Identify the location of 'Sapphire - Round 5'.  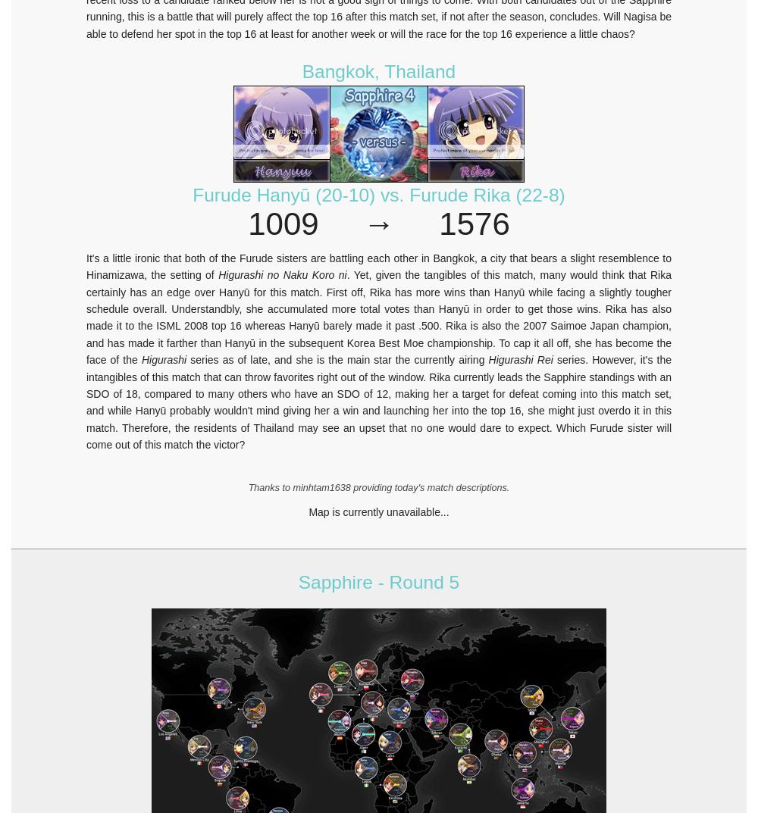
(298, 581).